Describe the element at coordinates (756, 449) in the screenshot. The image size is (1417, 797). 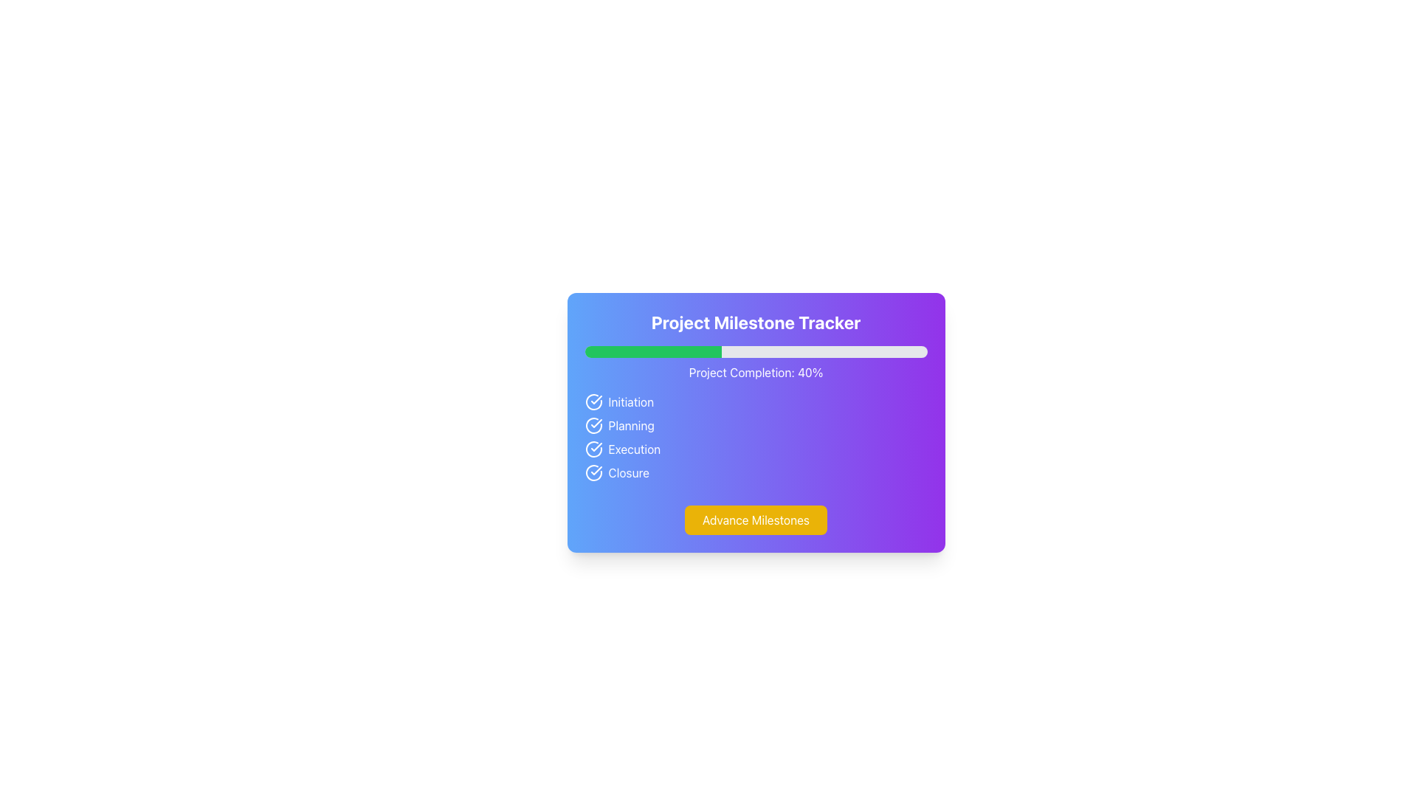
I see `the status of the 'Execution' milestone in the project tracker, which is represented by the third Text Row with Icon in the vertical list of milestones` at that location.